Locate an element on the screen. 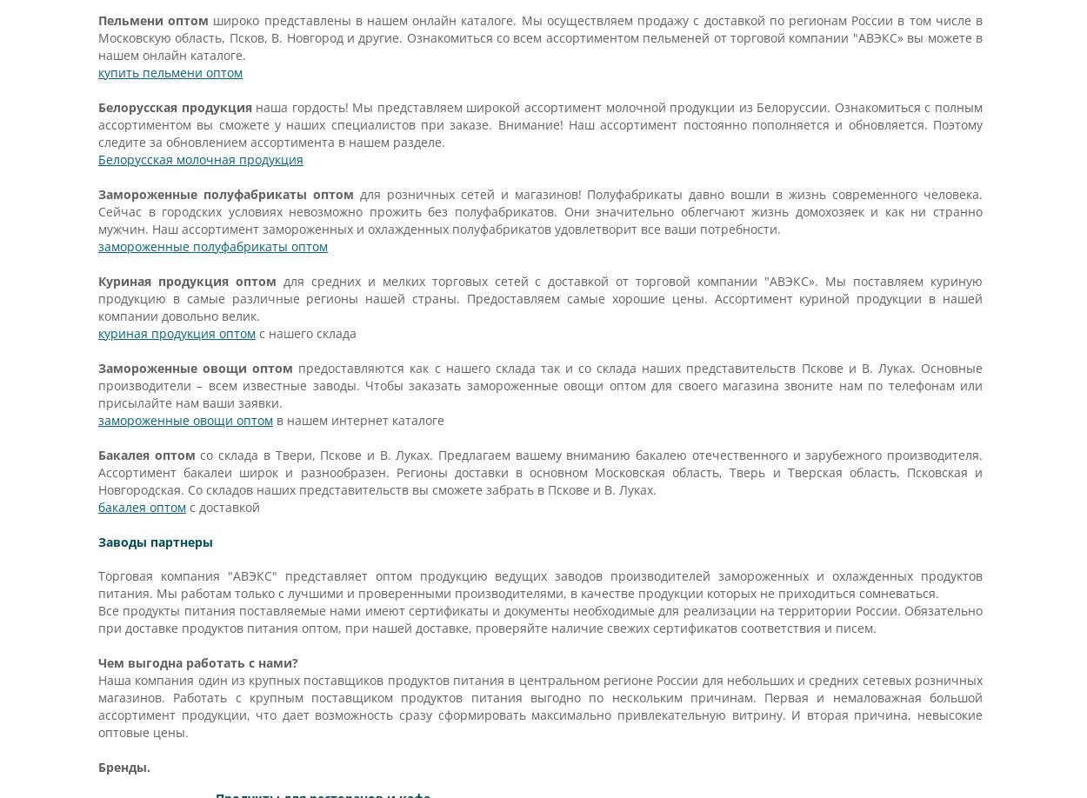  'широко представлены в нашем онлайн каталоге. Мы осуществляем продажу с доставкой по регионам России в том числе в Московскую область, Псков, В. Новгород и другие. Ознакомиться со всем ассортиментом пельменей от торговой компании "АВЭКС» вы можете в нашем онлайн каталоге.' is located at coordinates (539, 37).